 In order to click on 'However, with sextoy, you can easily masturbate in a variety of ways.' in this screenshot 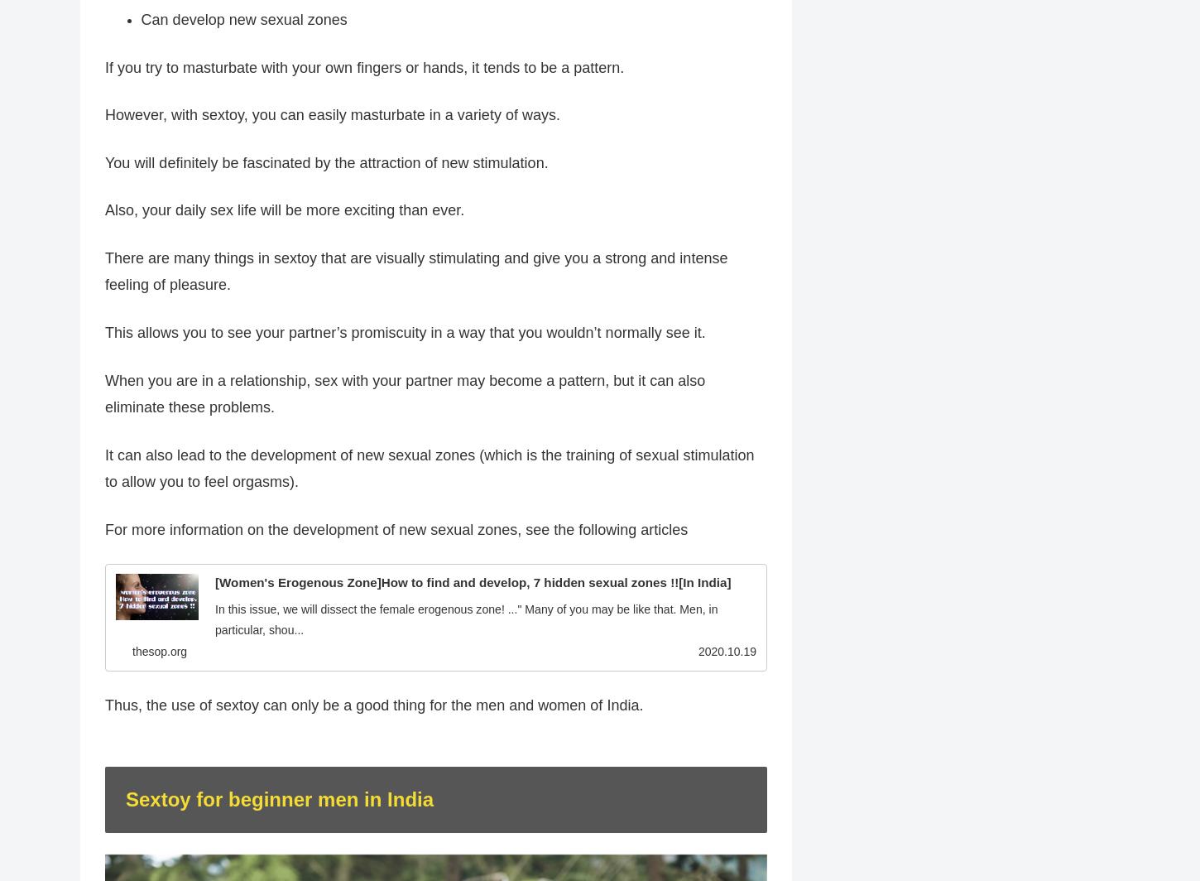, I will do `click(331, 114)`.